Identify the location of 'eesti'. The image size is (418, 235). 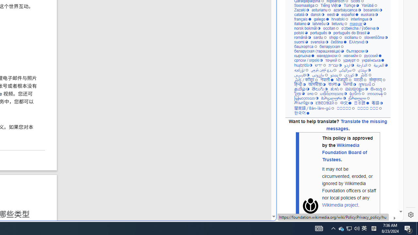
(332, 15).